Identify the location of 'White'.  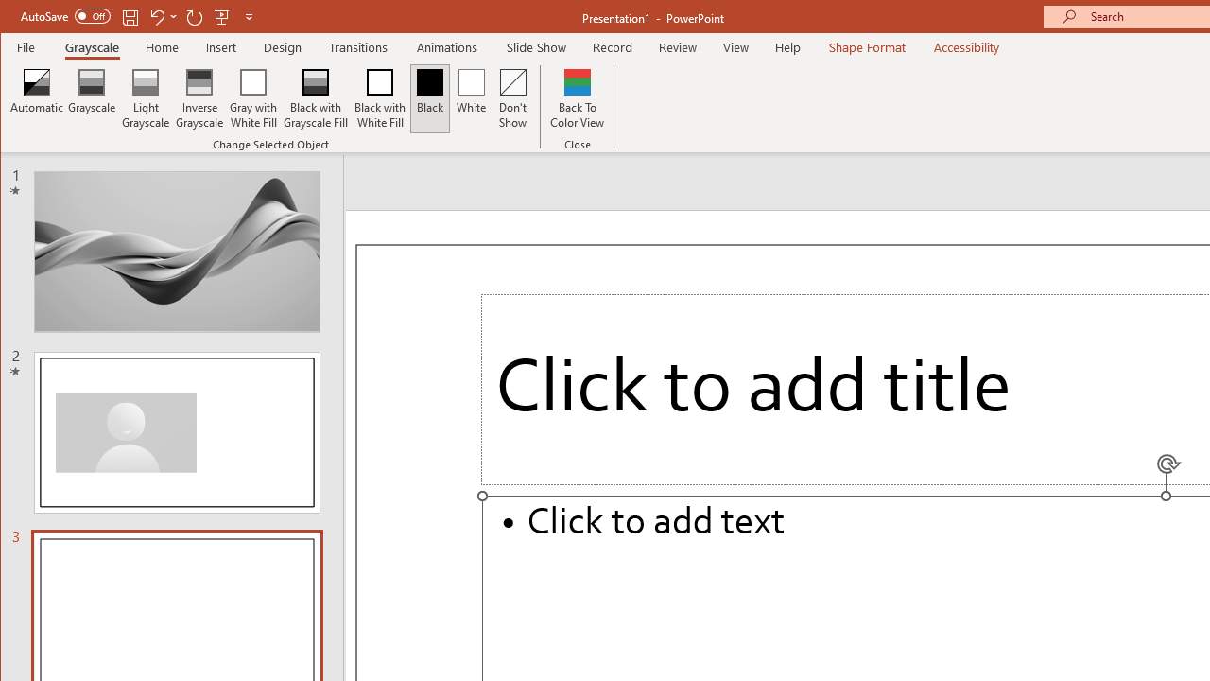
(471, 98).